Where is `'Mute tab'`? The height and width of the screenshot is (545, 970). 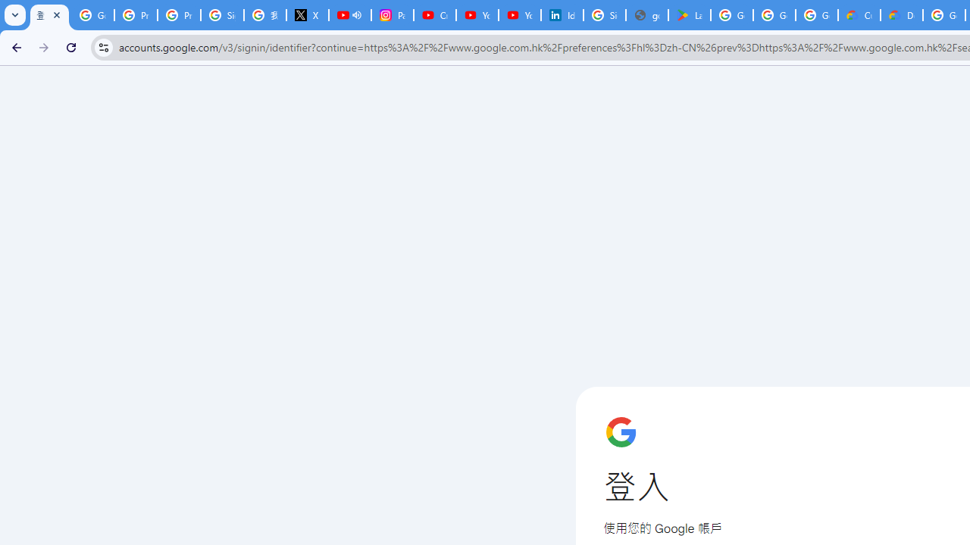
'Mute tab' is located at coordinates (356, 15).